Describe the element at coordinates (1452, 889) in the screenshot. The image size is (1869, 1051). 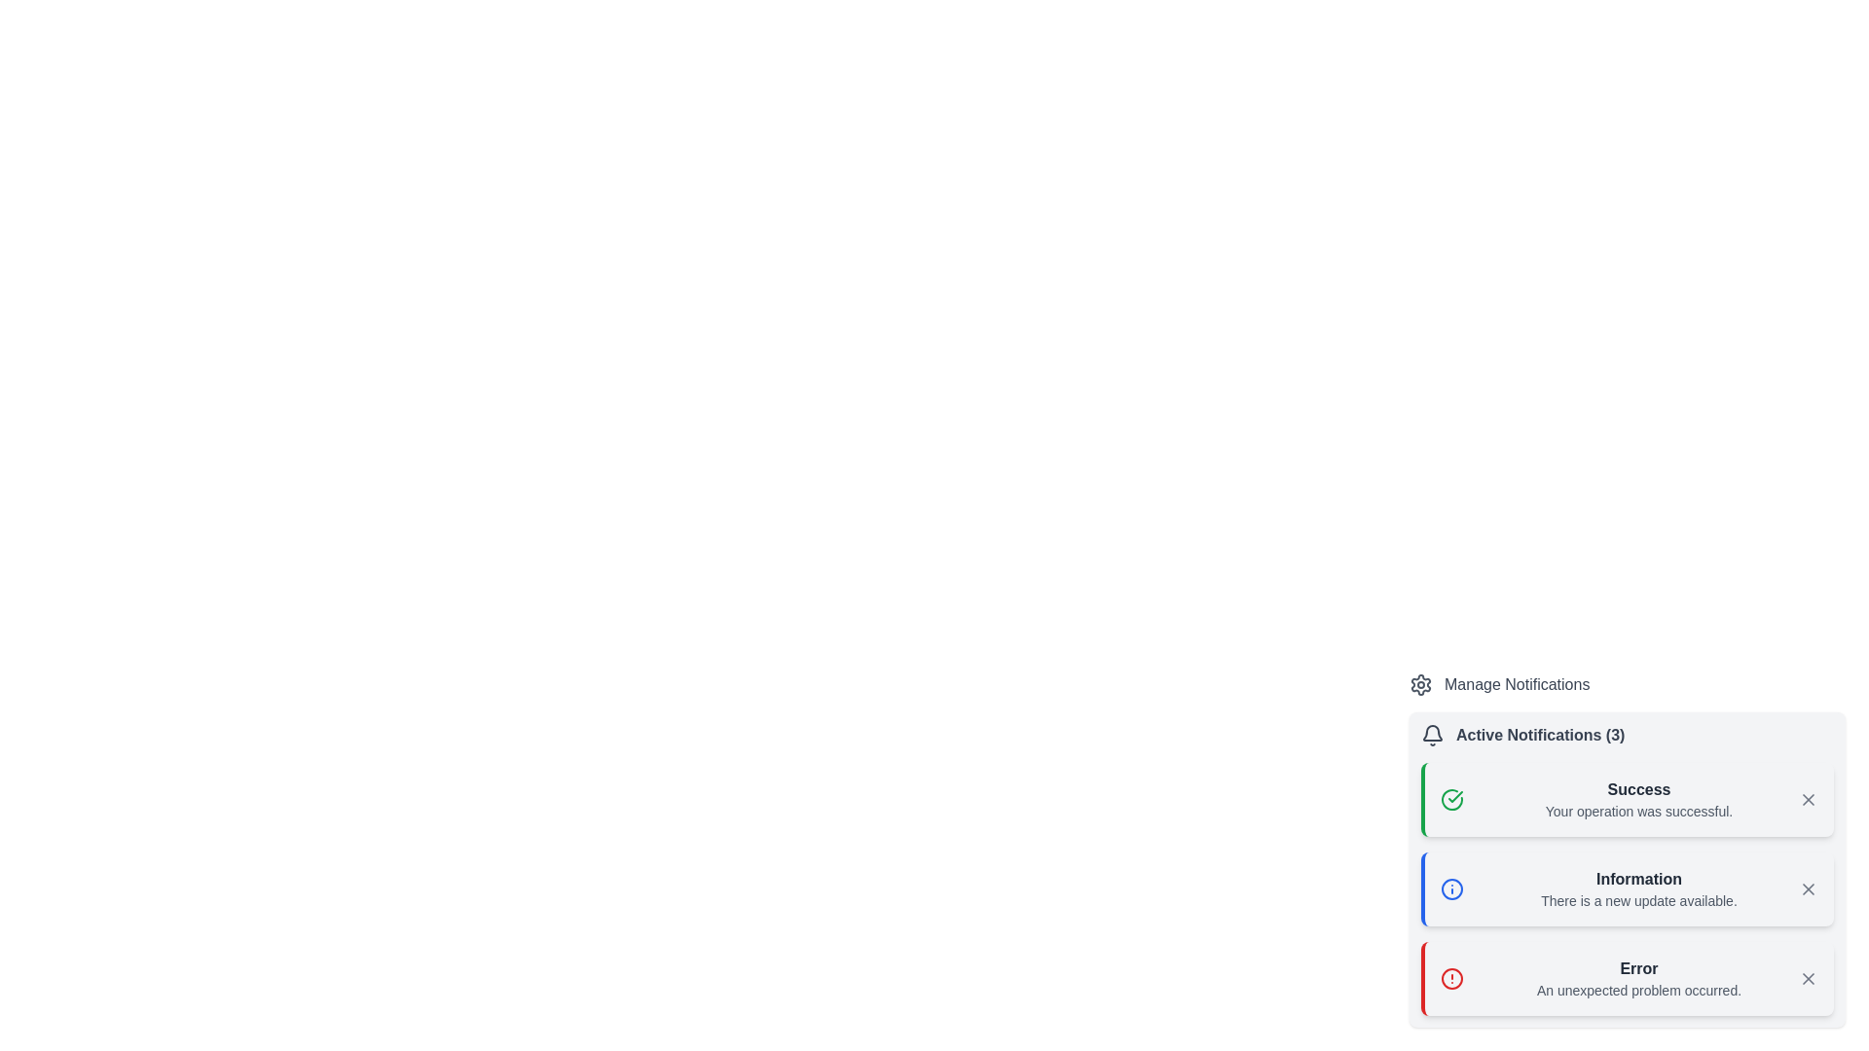
I see `the Graphical Circle (SVG Element) with a blue outline, which is part of the informational icon next to the text 'Information' in the Active Notifications area, specifically the second entry in the notifications list` at that location.